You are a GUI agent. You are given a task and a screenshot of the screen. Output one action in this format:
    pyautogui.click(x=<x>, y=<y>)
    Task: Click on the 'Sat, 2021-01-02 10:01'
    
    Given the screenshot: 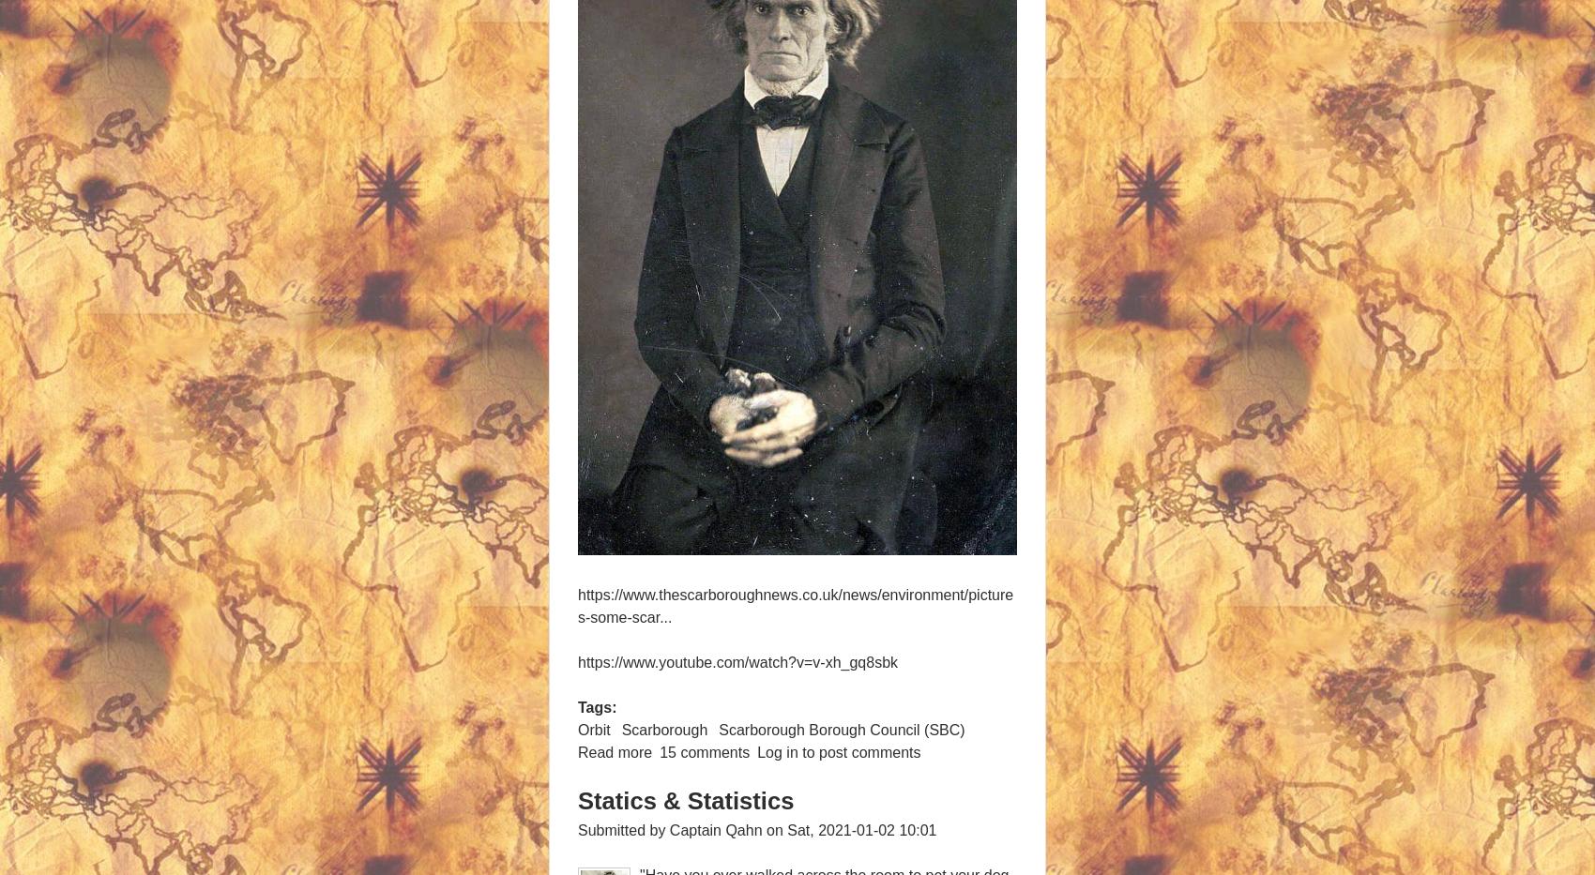 What is the action you would take?
    pyautogui.click(x=785, y=829)
    